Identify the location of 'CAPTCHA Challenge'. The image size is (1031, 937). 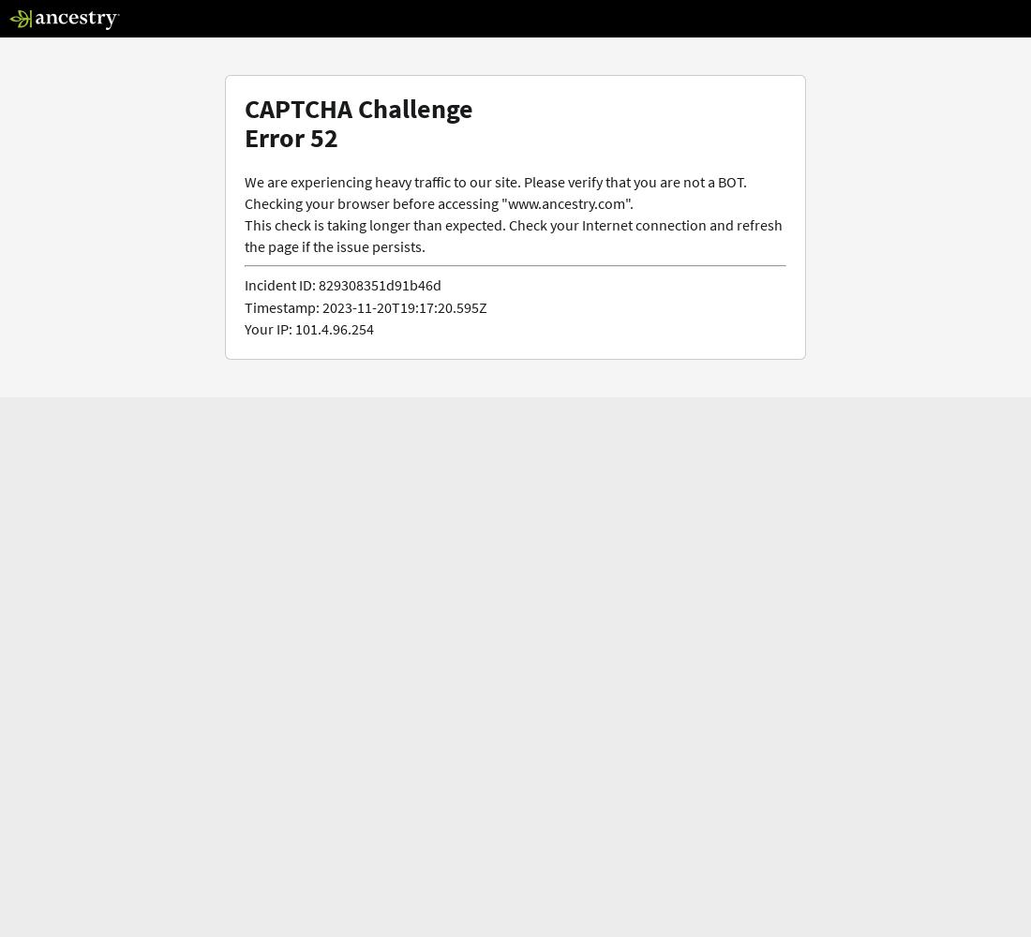
(359, 108).